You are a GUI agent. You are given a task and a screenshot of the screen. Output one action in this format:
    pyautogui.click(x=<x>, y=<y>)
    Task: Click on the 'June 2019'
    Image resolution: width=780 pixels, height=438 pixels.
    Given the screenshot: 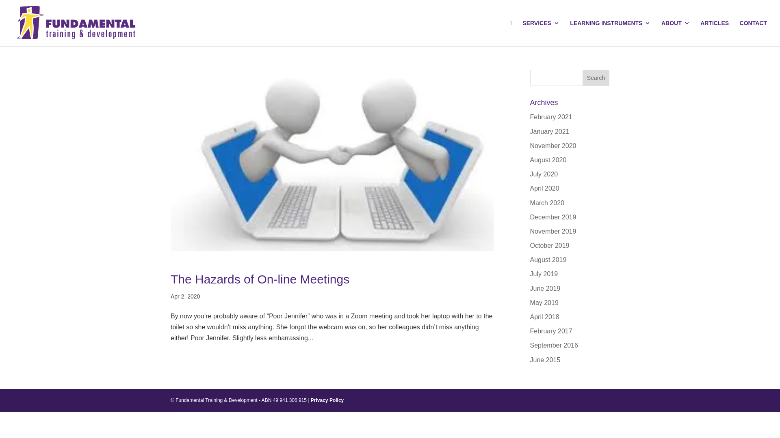 What is the action you would take?
    pyautogui.click(x=545, y=288)
    